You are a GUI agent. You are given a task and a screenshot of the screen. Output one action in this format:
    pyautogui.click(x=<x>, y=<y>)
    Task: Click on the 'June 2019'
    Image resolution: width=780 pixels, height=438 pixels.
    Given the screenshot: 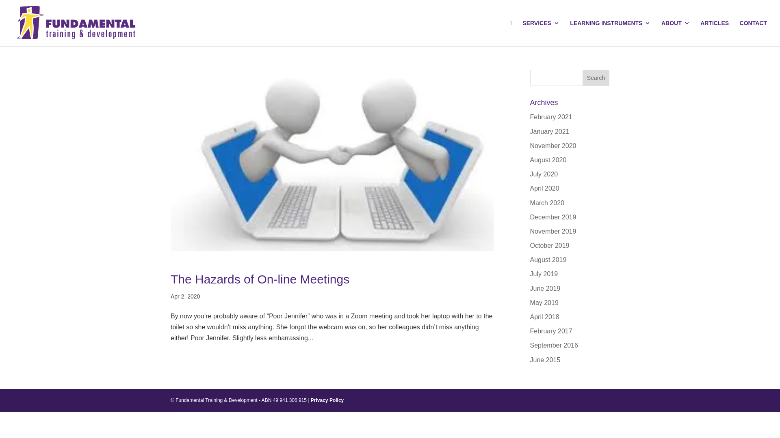 What is the action you would take?
    pyautogui.click(x=545, y=288)
    